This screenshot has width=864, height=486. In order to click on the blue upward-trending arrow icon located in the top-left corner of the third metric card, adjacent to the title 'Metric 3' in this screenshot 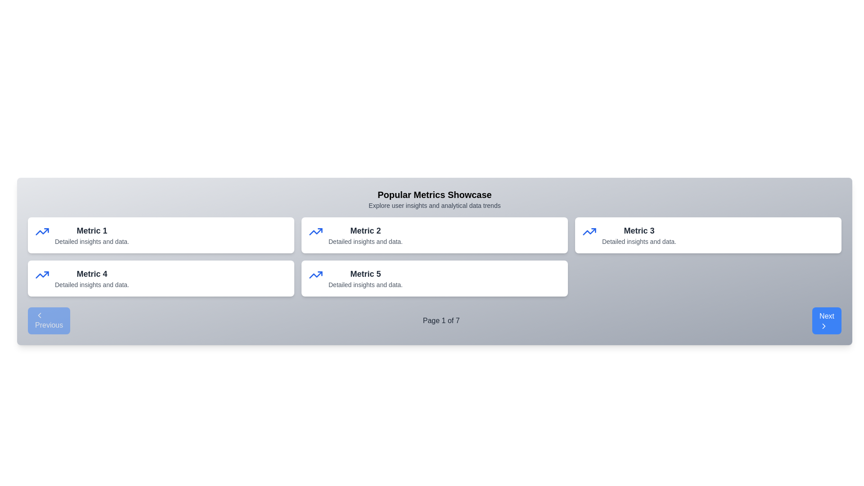, I will do `click(589, 231)`.